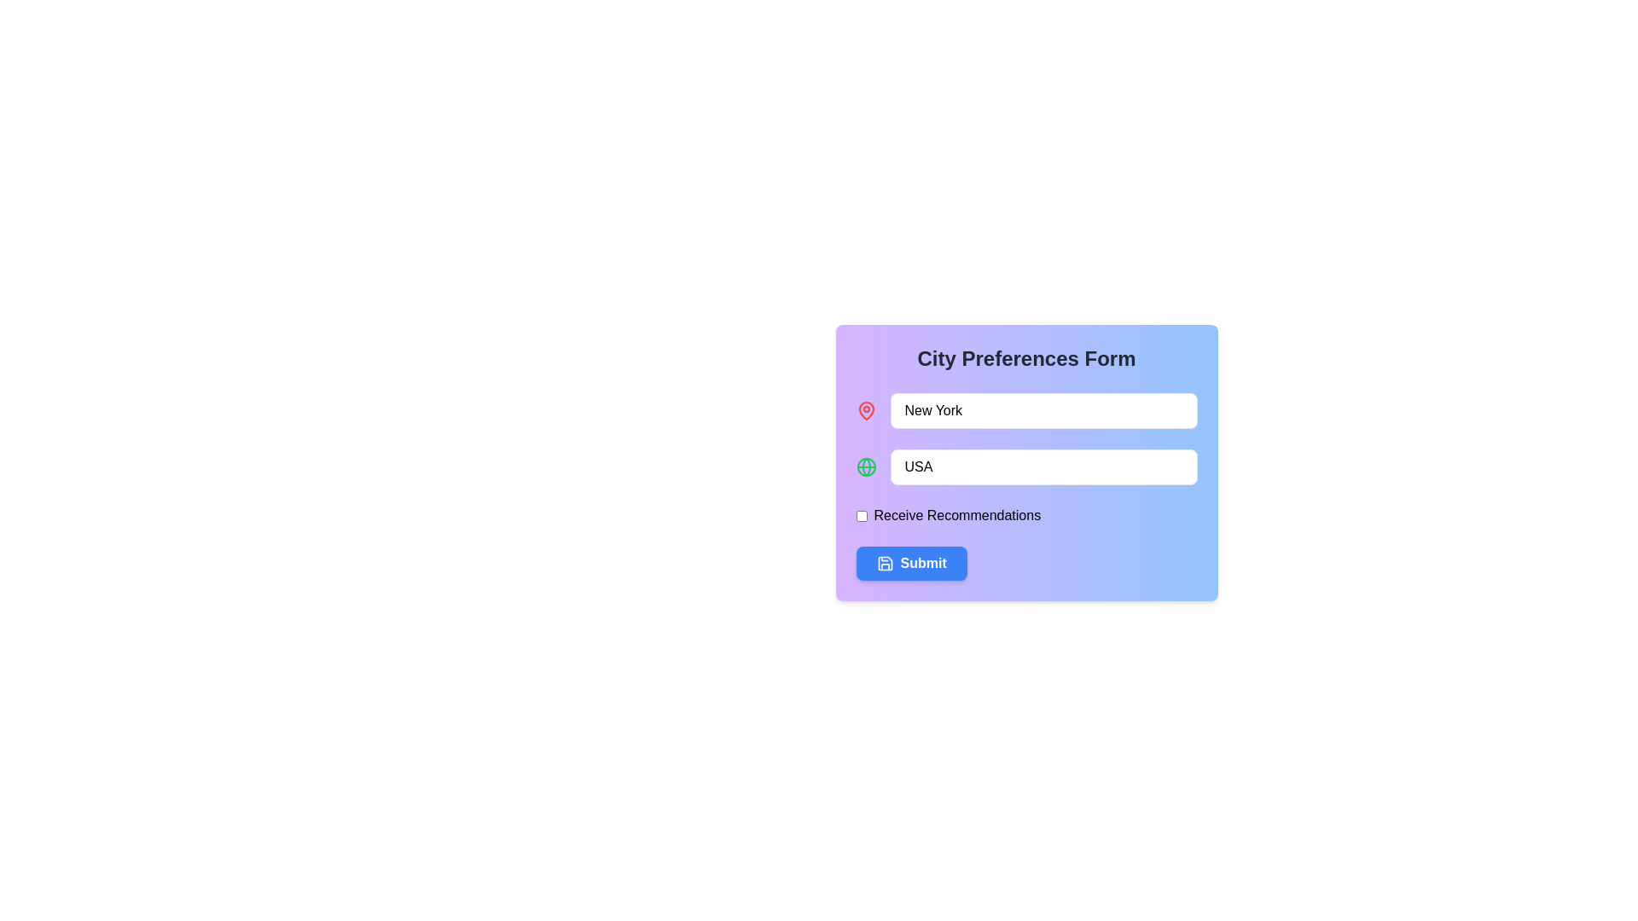 This screenshot has height=921, width=1638. What do you see at coordinates (957, 515) in the screenshot?
I see `the label element displaying 'Receive Recommendations', which is located to the right of a checkbox and positioned below the second input field and above the 'Submit' button` at bounding box center [957, 515].